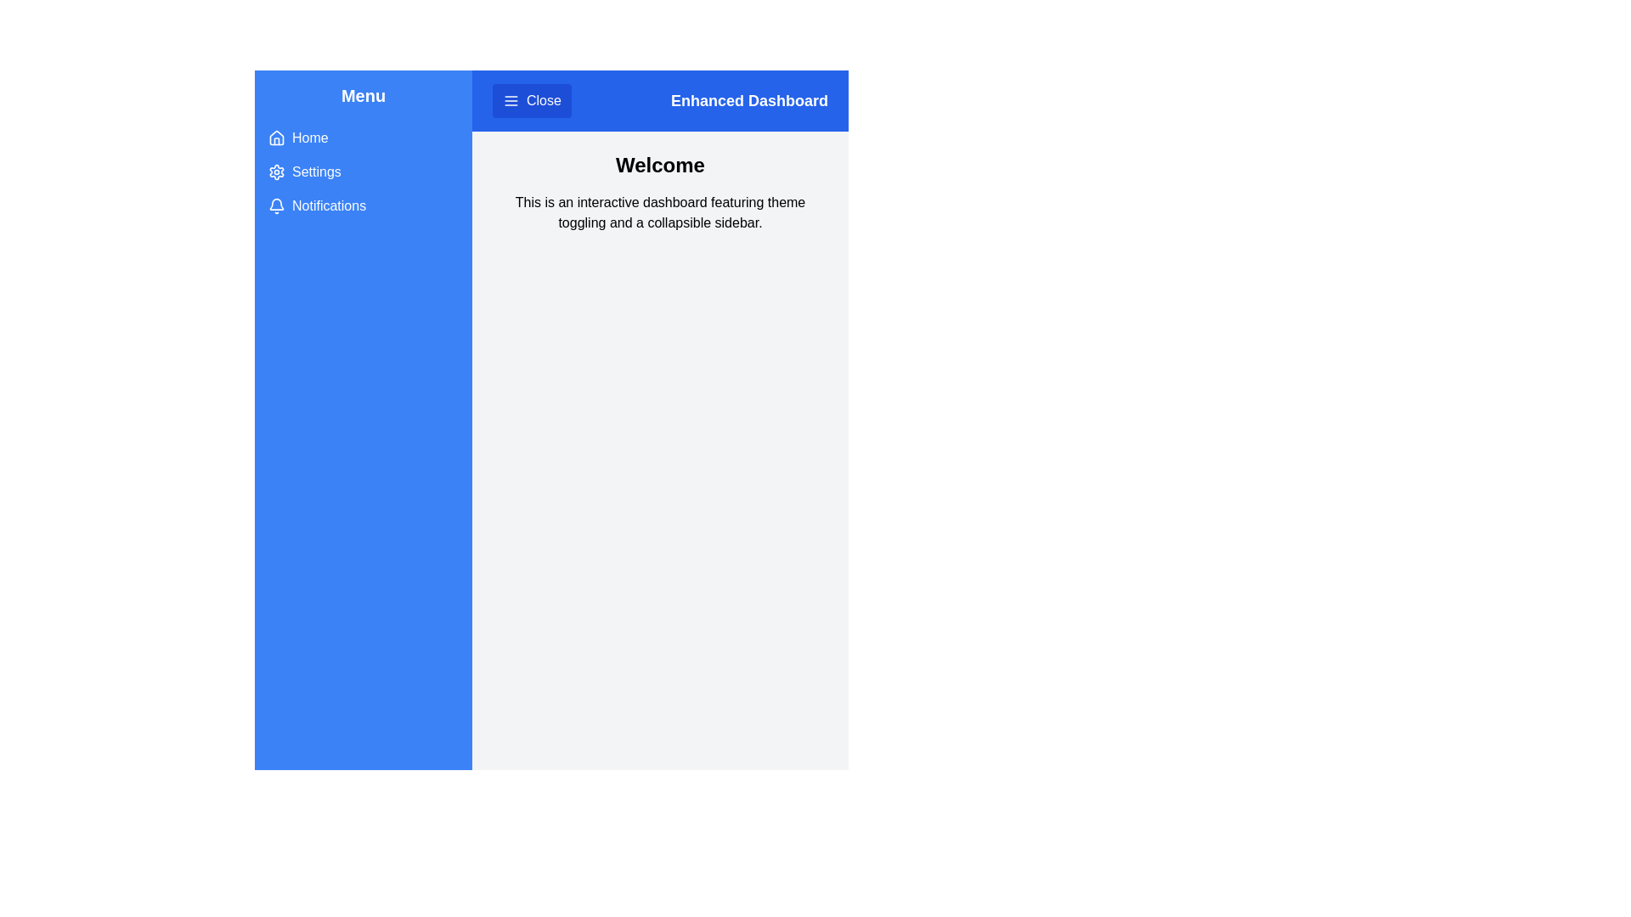  What do you see at coordinates (277, 172) in the screenshot?
I see `the 'Settings' icon in the sidebar menu` at bounding box center [277, 172].